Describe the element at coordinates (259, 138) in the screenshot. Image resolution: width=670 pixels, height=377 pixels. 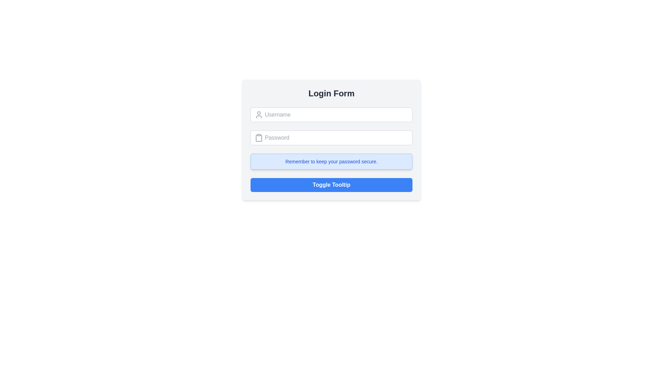
I see `the clipboard icon located to the left of the password input field in the login form` at that location.